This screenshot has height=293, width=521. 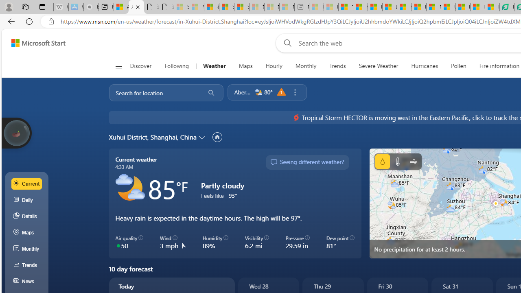 I want to click on 'Microsoft account | Account Checkup - Sleeping', so click(x=287, y=7).